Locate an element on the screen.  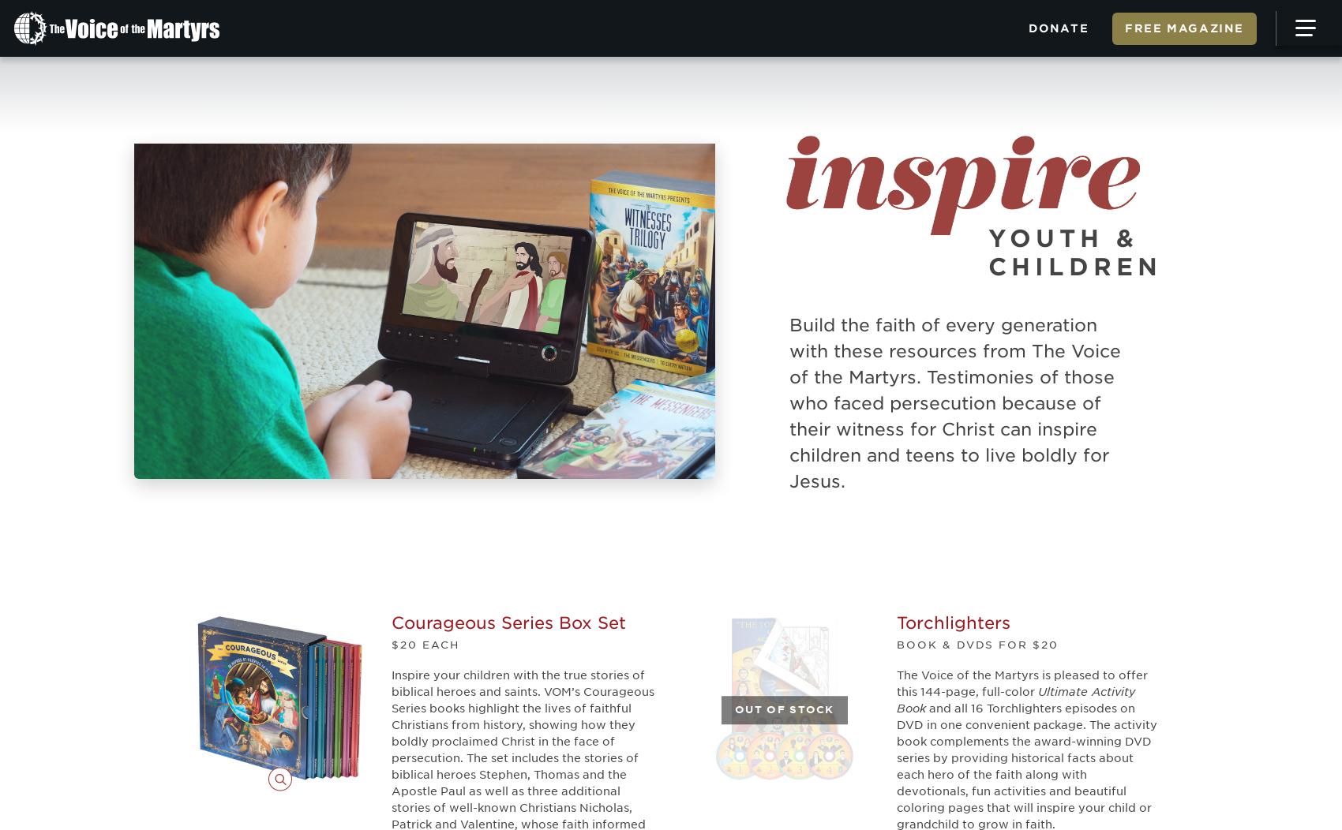
'Ultimate Activity Book' is located at coordinates (1016, 699).